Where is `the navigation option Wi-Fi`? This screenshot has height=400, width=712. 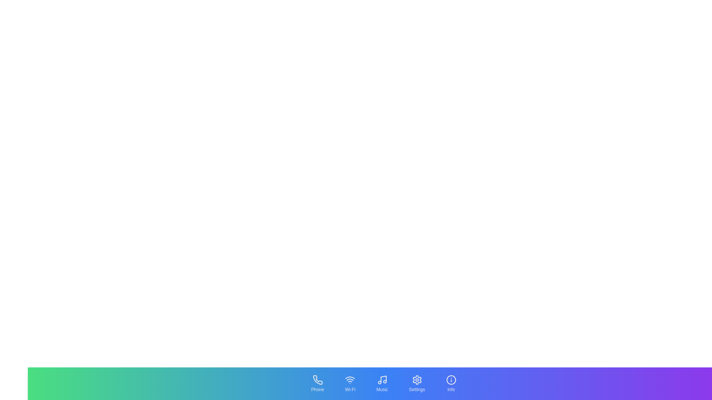 the navigation option Wi-Fi is located at coordinates (350, 383).